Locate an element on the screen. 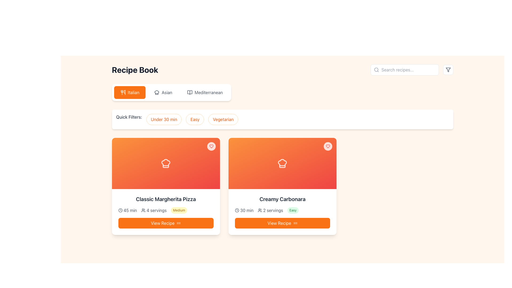 The width and height of the screenshot is (512, 288). the text element displaying '2 servings', located below the title 'Creamy Carbonara' and to the right of the serving icon is located at coordinates (273, 210).